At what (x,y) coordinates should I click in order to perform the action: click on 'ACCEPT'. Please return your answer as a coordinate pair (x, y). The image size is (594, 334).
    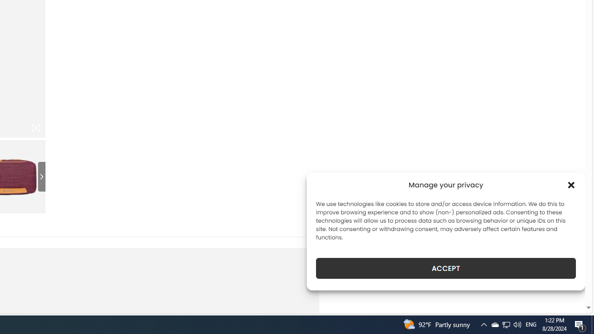
    Looking at the image, I should click on (446, 268).